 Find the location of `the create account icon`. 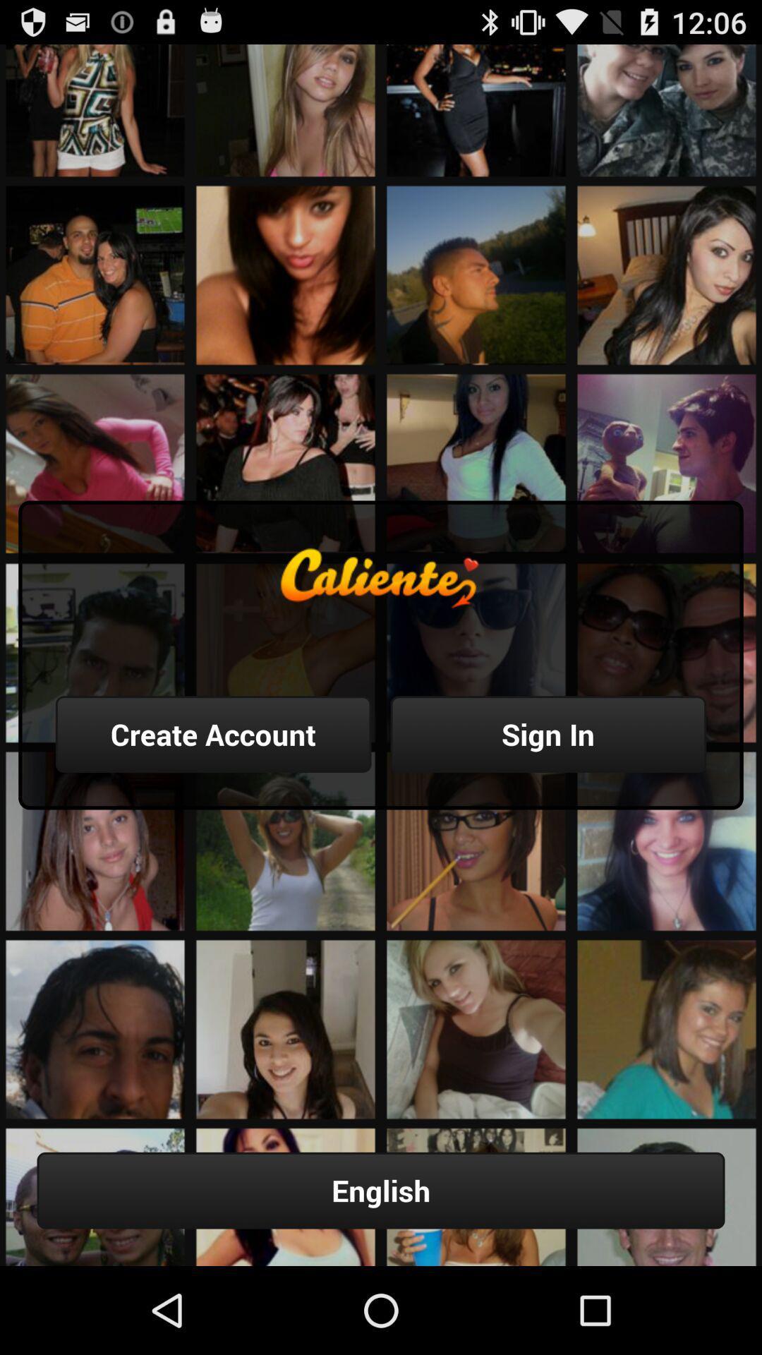

the create account icon is located at coordinates (213, 734).